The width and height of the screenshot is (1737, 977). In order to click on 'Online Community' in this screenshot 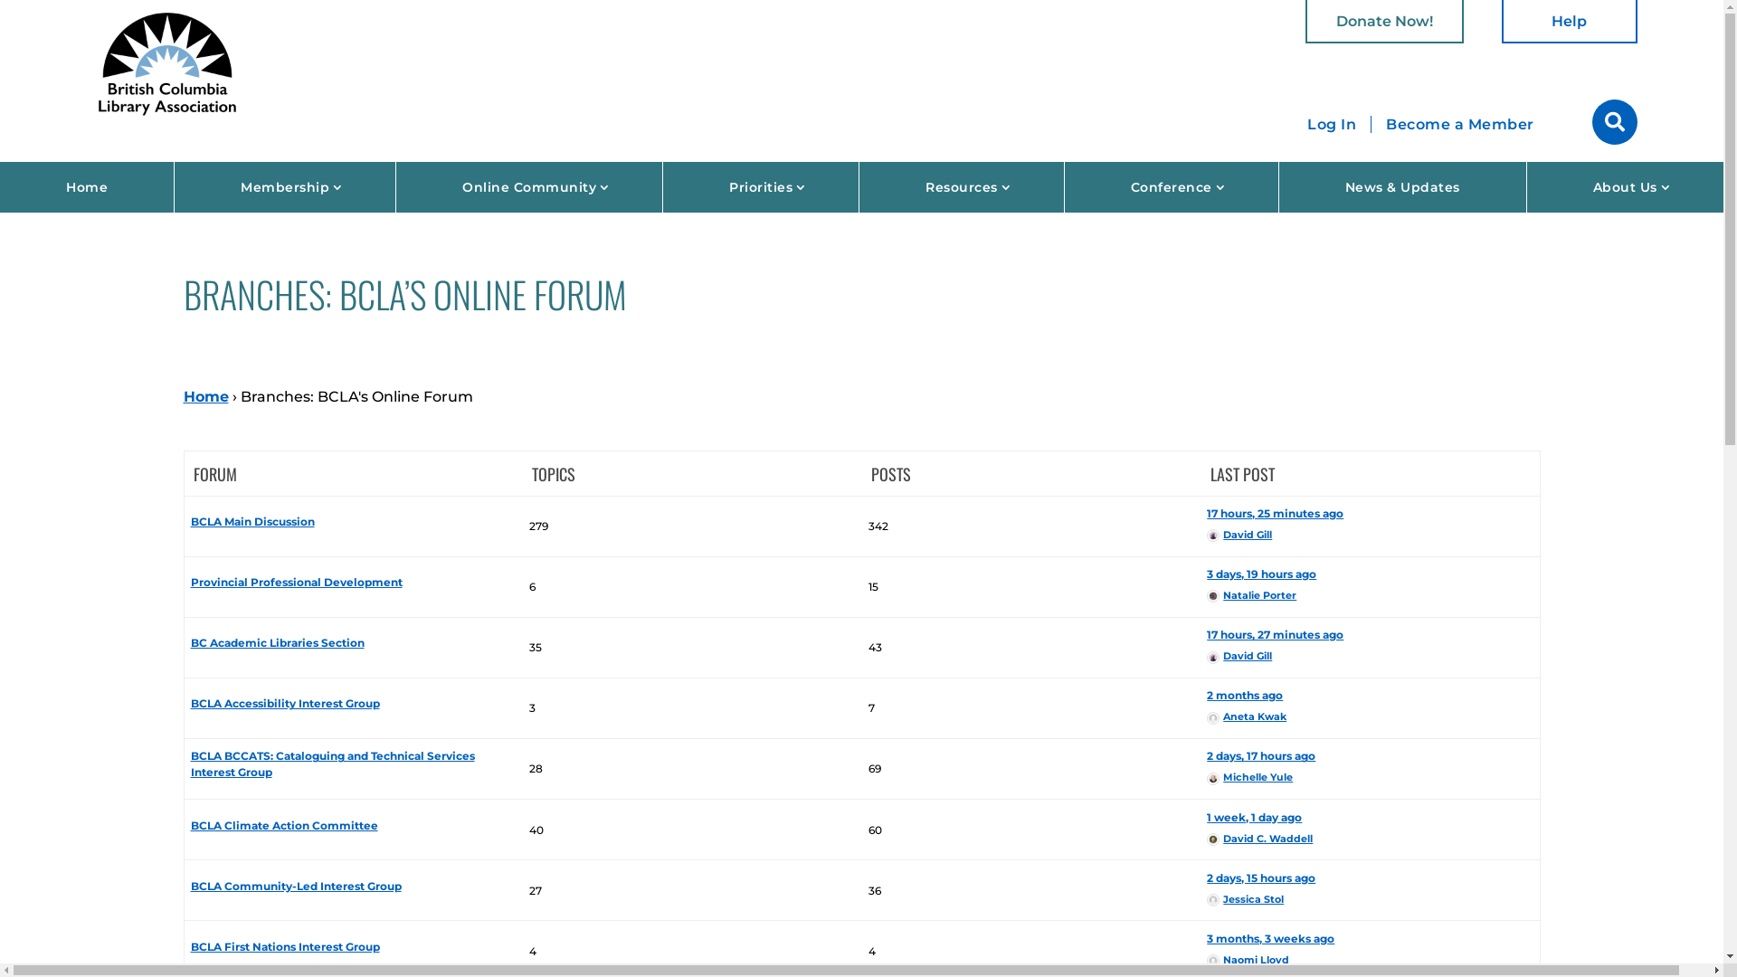, I will do `click(528, 187)`.